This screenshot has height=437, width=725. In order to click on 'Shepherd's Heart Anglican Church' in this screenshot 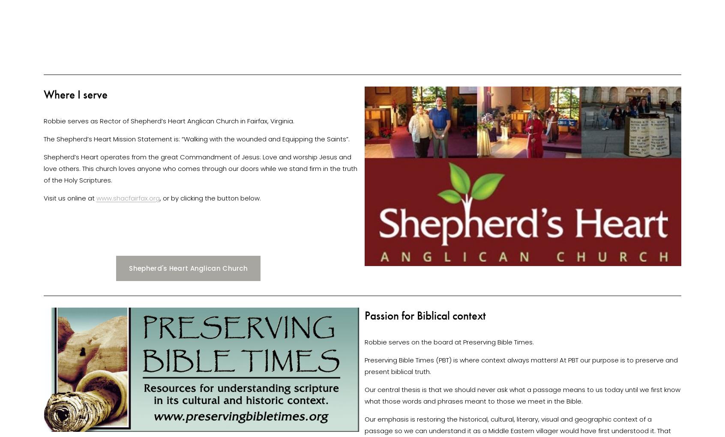, I will do `click(129, 267)`.